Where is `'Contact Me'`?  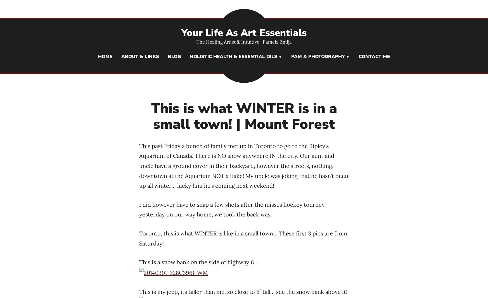
'Contact Me' is located at coordinates (374, 56).